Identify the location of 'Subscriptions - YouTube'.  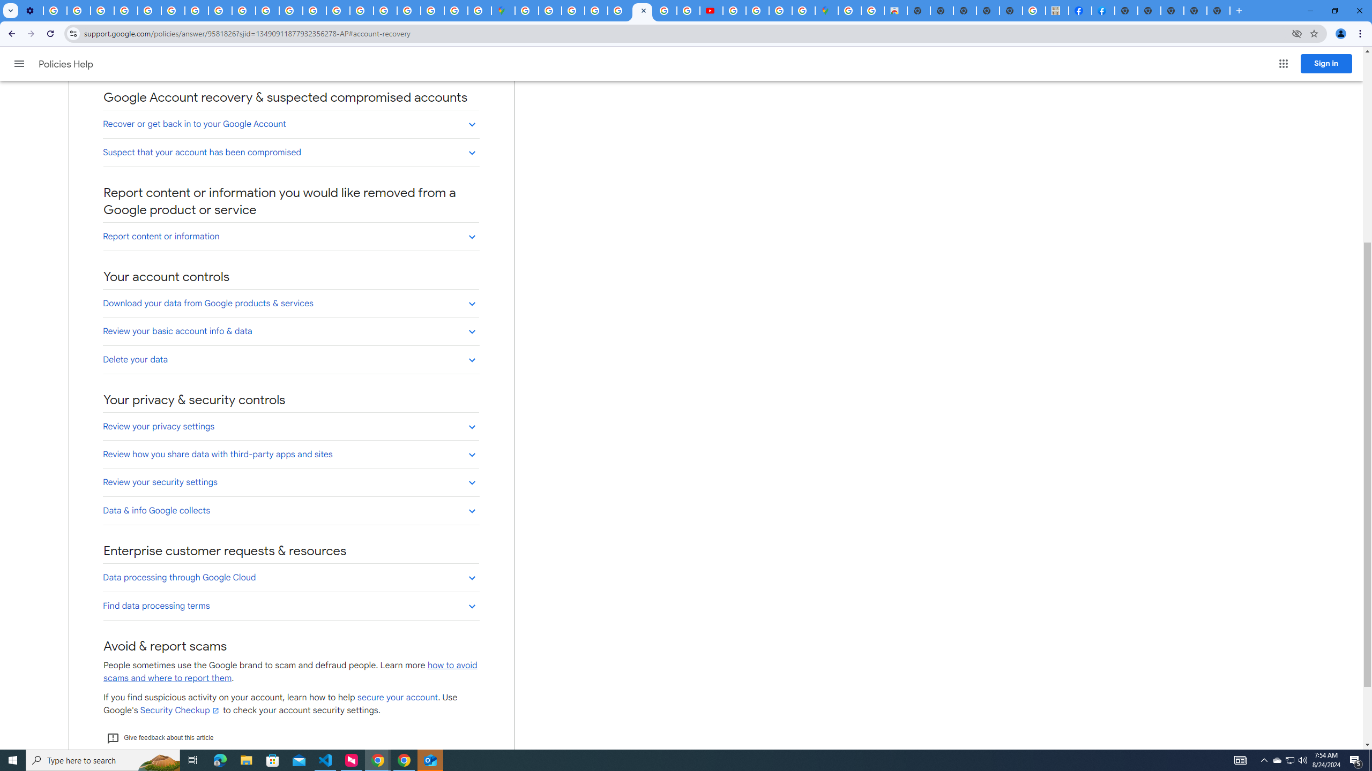
(711, 10).